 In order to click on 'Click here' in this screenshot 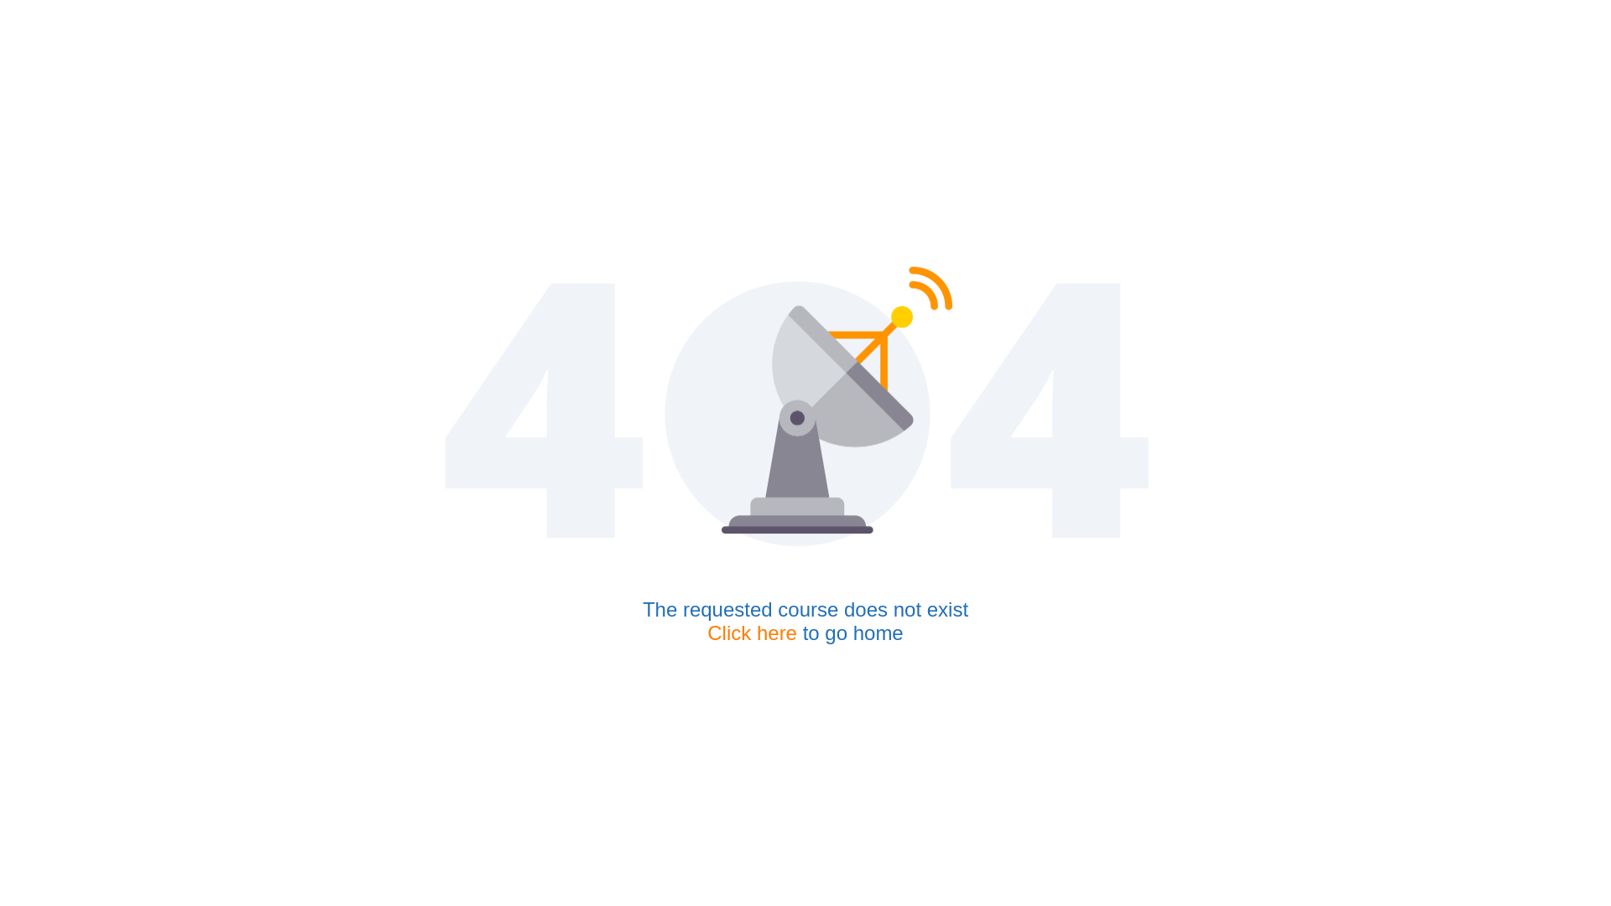, I will do `click(751, 633)`.